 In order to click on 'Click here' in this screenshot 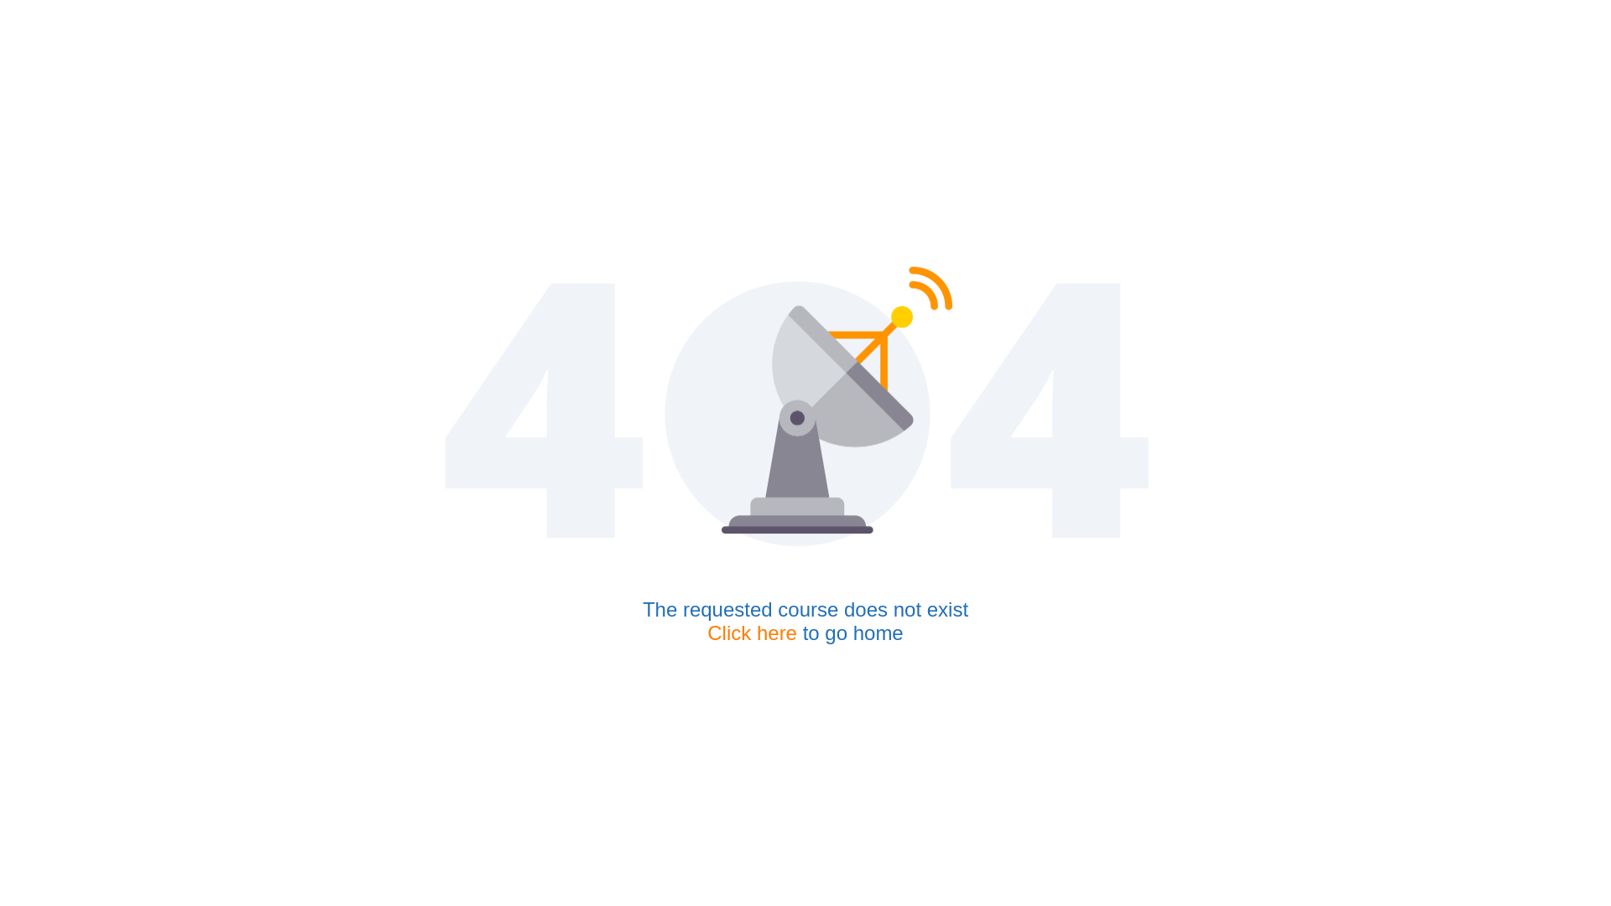, I will do `click(751, 633)`.